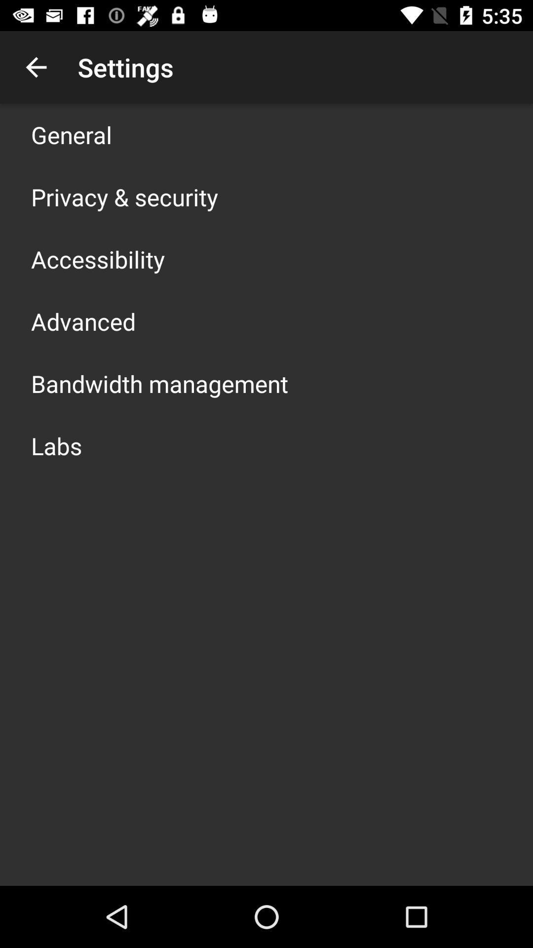  What do you see at coordinates (83, 321) in the screenshot?
I see `the advanced` at bounding box center [83, 321].